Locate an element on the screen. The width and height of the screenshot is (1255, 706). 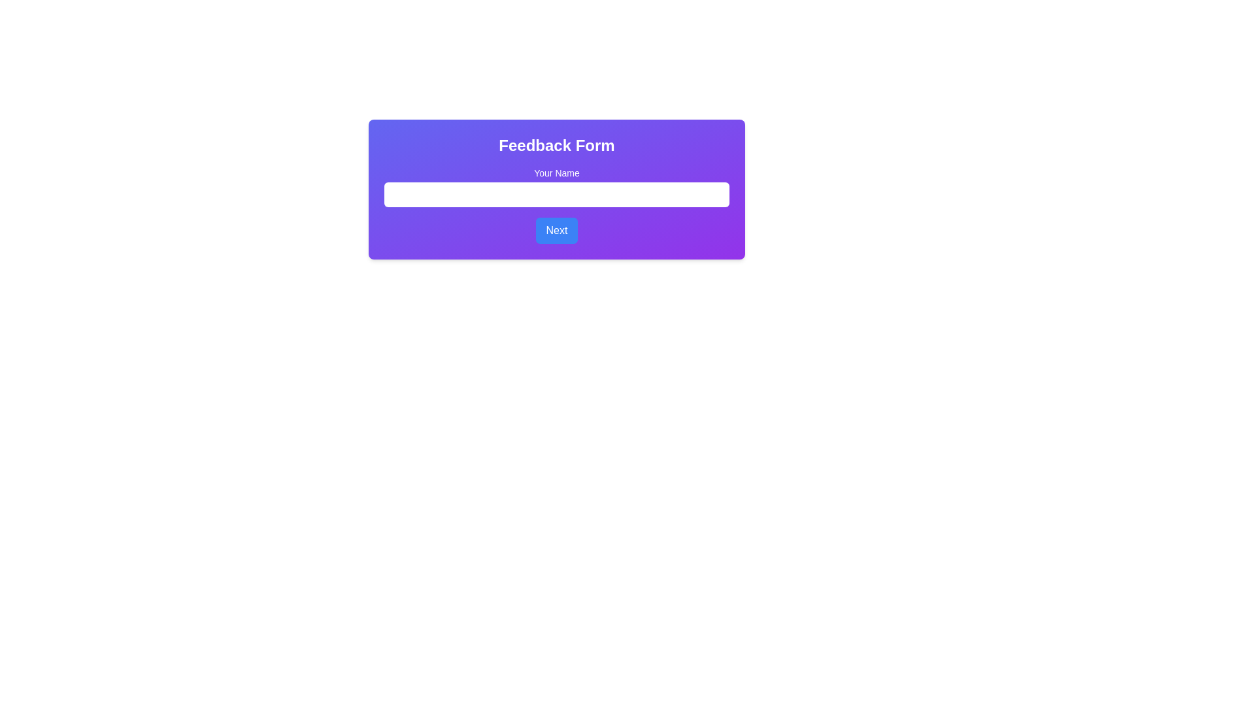
the text label that displays 'Your Name' in white text, located within a purple gradient rectangle, centered horizontally and positioned above an input field and a button labeled 'Next' is located at coordinates (556, 186).